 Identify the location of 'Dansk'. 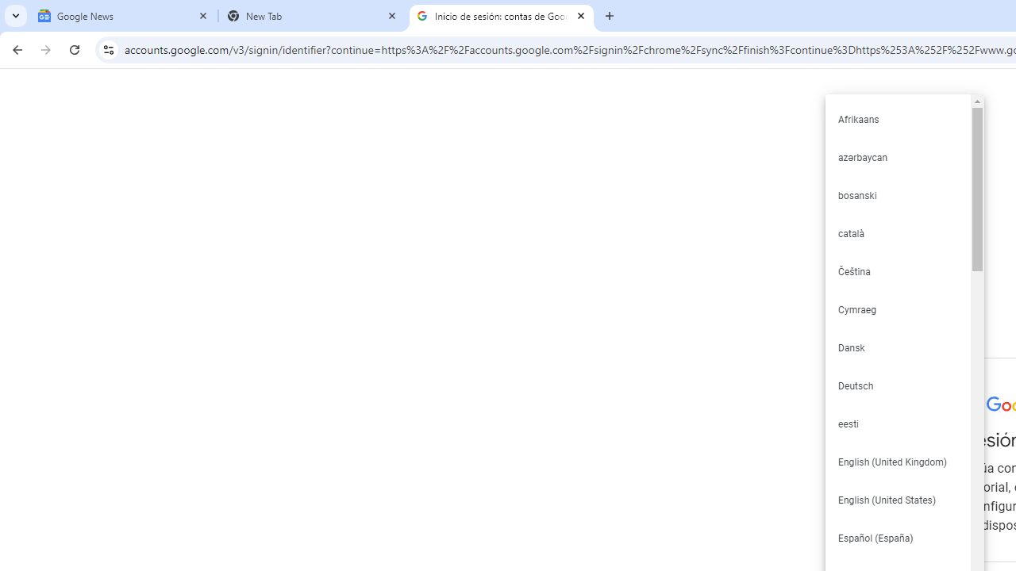
(897, 347).